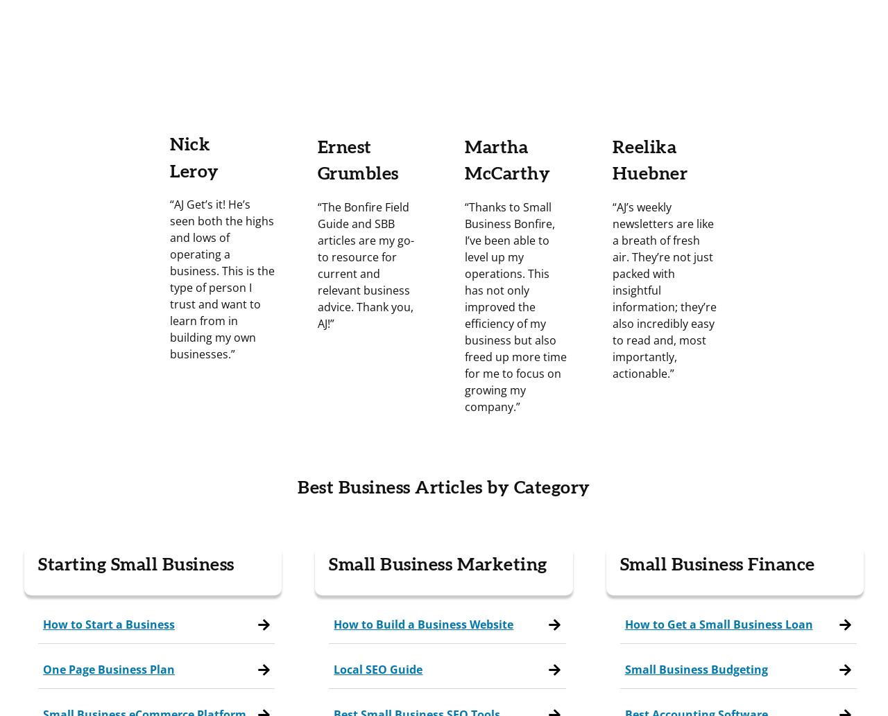 The image size is (888, 716). I want to click on '“AJ Get’s it! He’s seen both the highs and lows of operating a business. This is the type of person I trust and want to learn from in building my own businesses.”', so click(222, 279).